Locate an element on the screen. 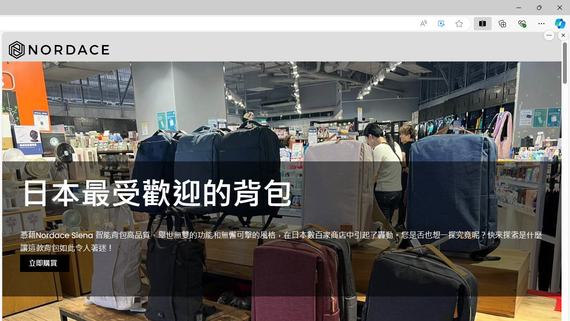 The height and width of the screenshot is (321, 570). 'Enhance video' is located at coordinates (441, 23).